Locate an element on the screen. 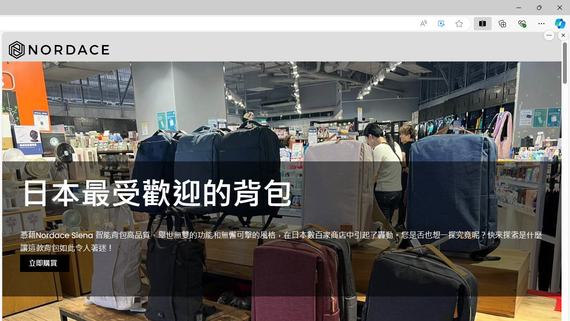 The height and width of the screenshot is (321, 570). 'Enhance video' is located at coordinates (441, 23).